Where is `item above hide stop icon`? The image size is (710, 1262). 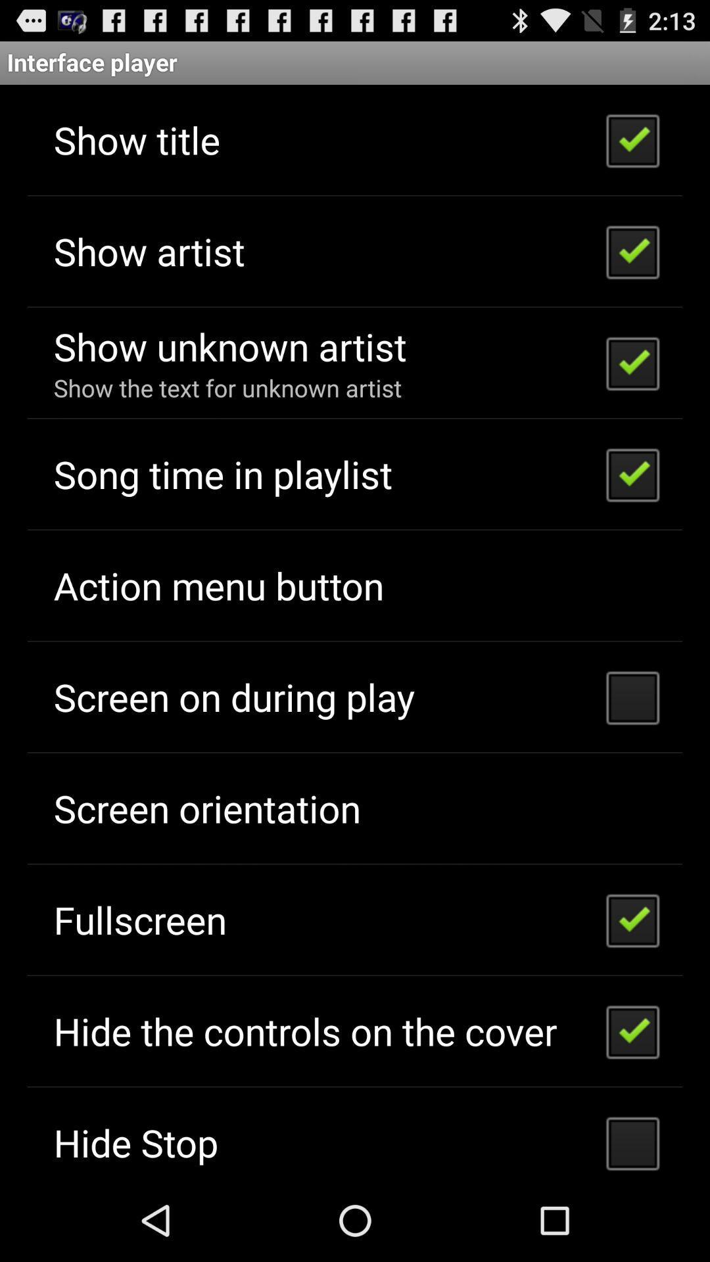
item above hide stop icon is located at coordinates (305, 1030).